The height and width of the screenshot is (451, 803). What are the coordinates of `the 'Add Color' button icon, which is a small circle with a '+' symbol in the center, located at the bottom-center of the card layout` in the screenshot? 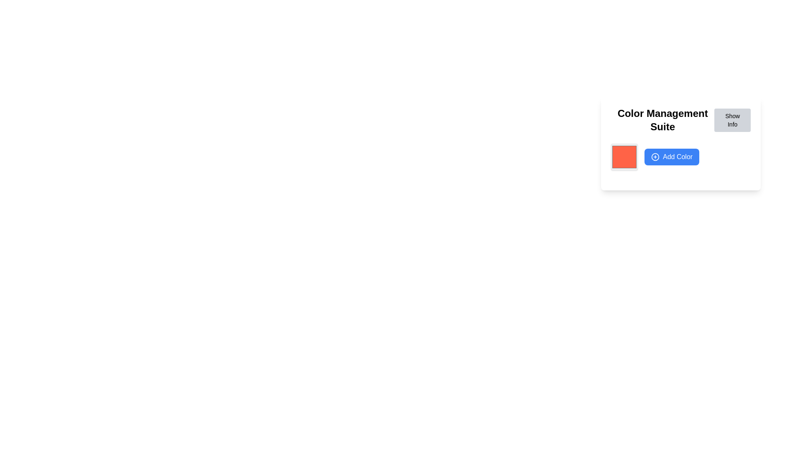 It's located at (655, 157).